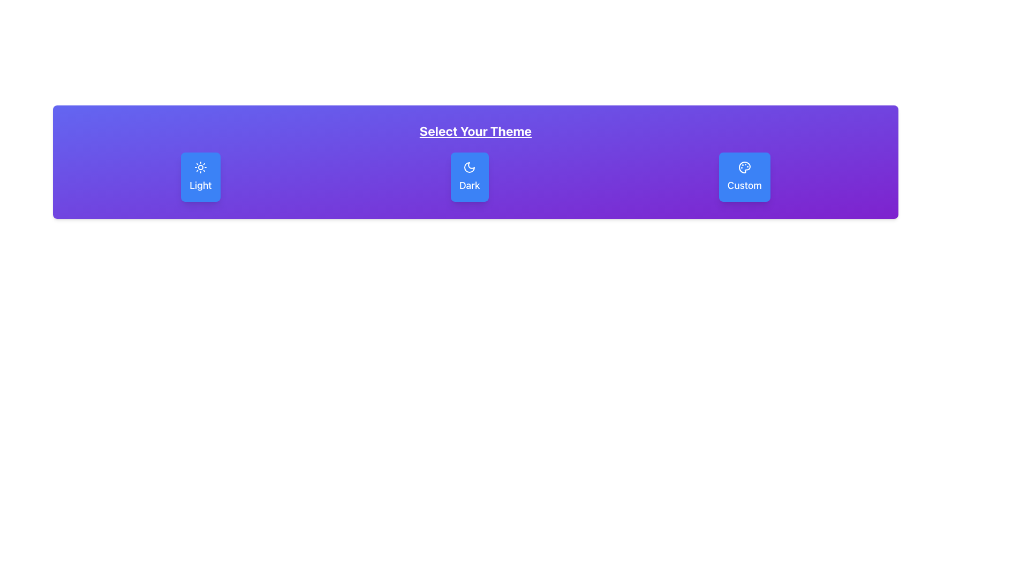 Image resolution: width=1028 pixels, height=578 pixels. I want to click on the 'Custom' theme button, which is the third button in a horizontal series of three buttons, so click(744, 177).